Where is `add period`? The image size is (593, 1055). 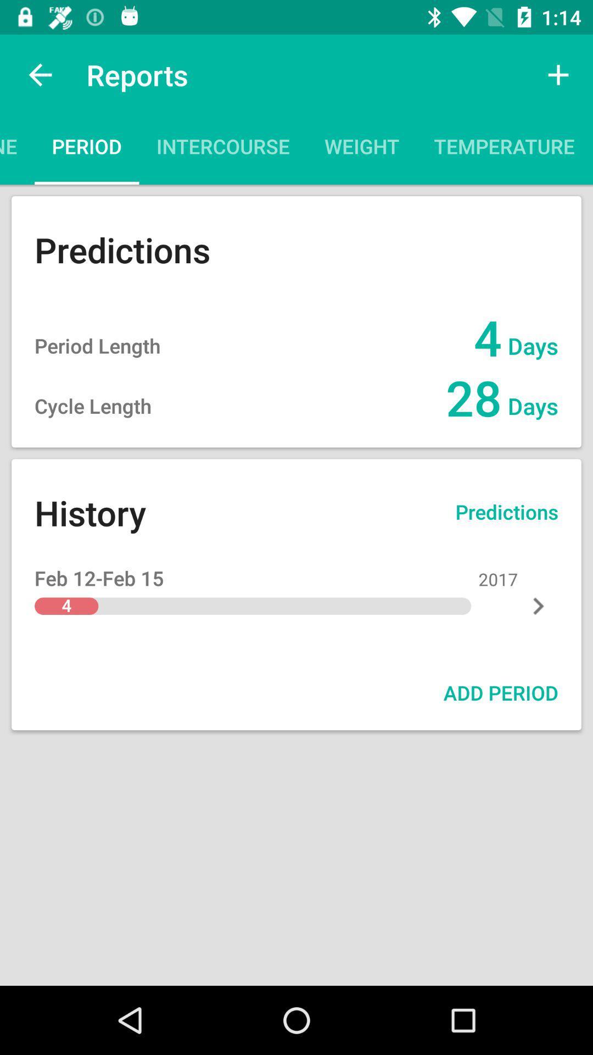 add period is located at coordinates (501, 692).